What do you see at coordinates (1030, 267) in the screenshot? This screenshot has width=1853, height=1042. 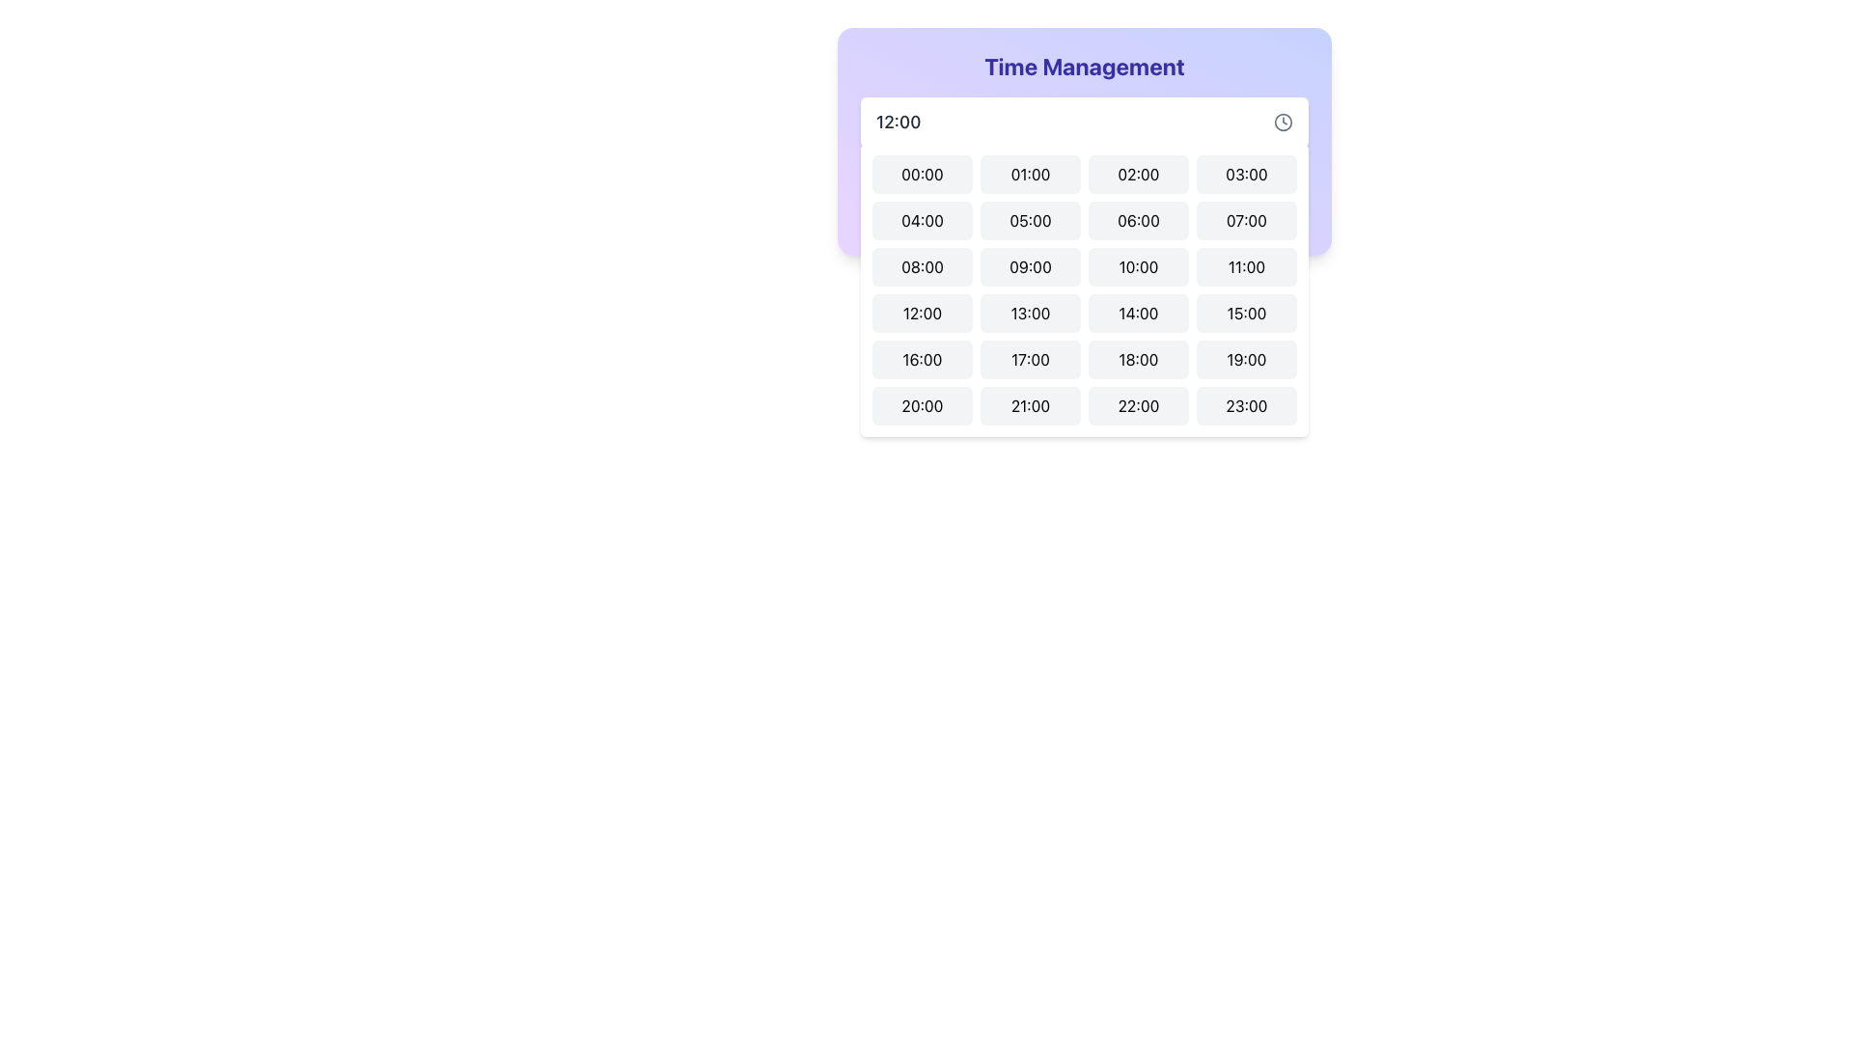 I see `the selectable time slot button located in the third row and second column of the 'Time Management' grid` at bounding box center [1030, 267].